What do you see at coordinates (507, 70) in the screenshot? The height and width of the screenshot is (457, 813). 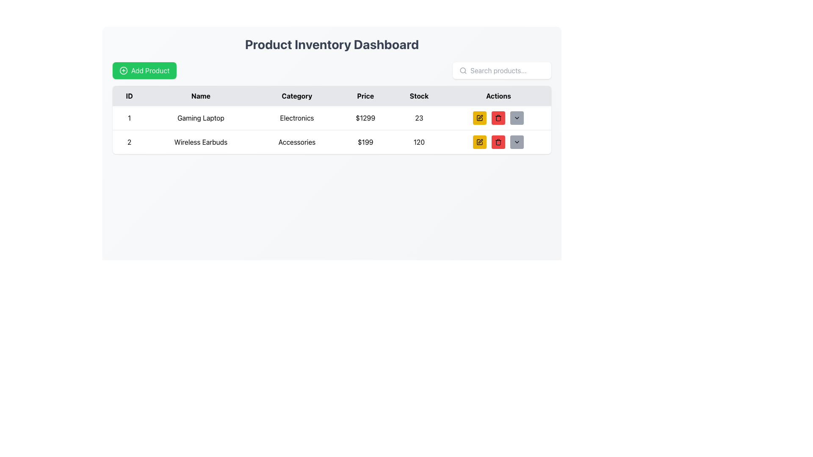 I see `the search text input field located in the top-right corner of the interface to trigger the tooltip or focus effect` at bounding box center [507, 70].